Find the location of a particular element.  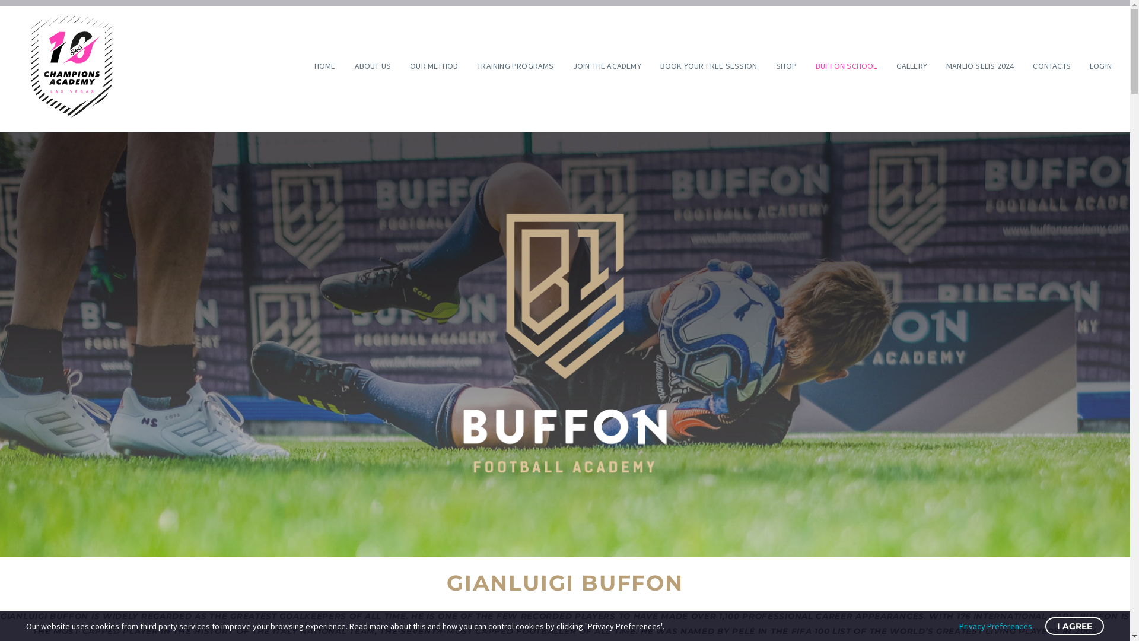

'HOME' is located at coordinates (324, 66).